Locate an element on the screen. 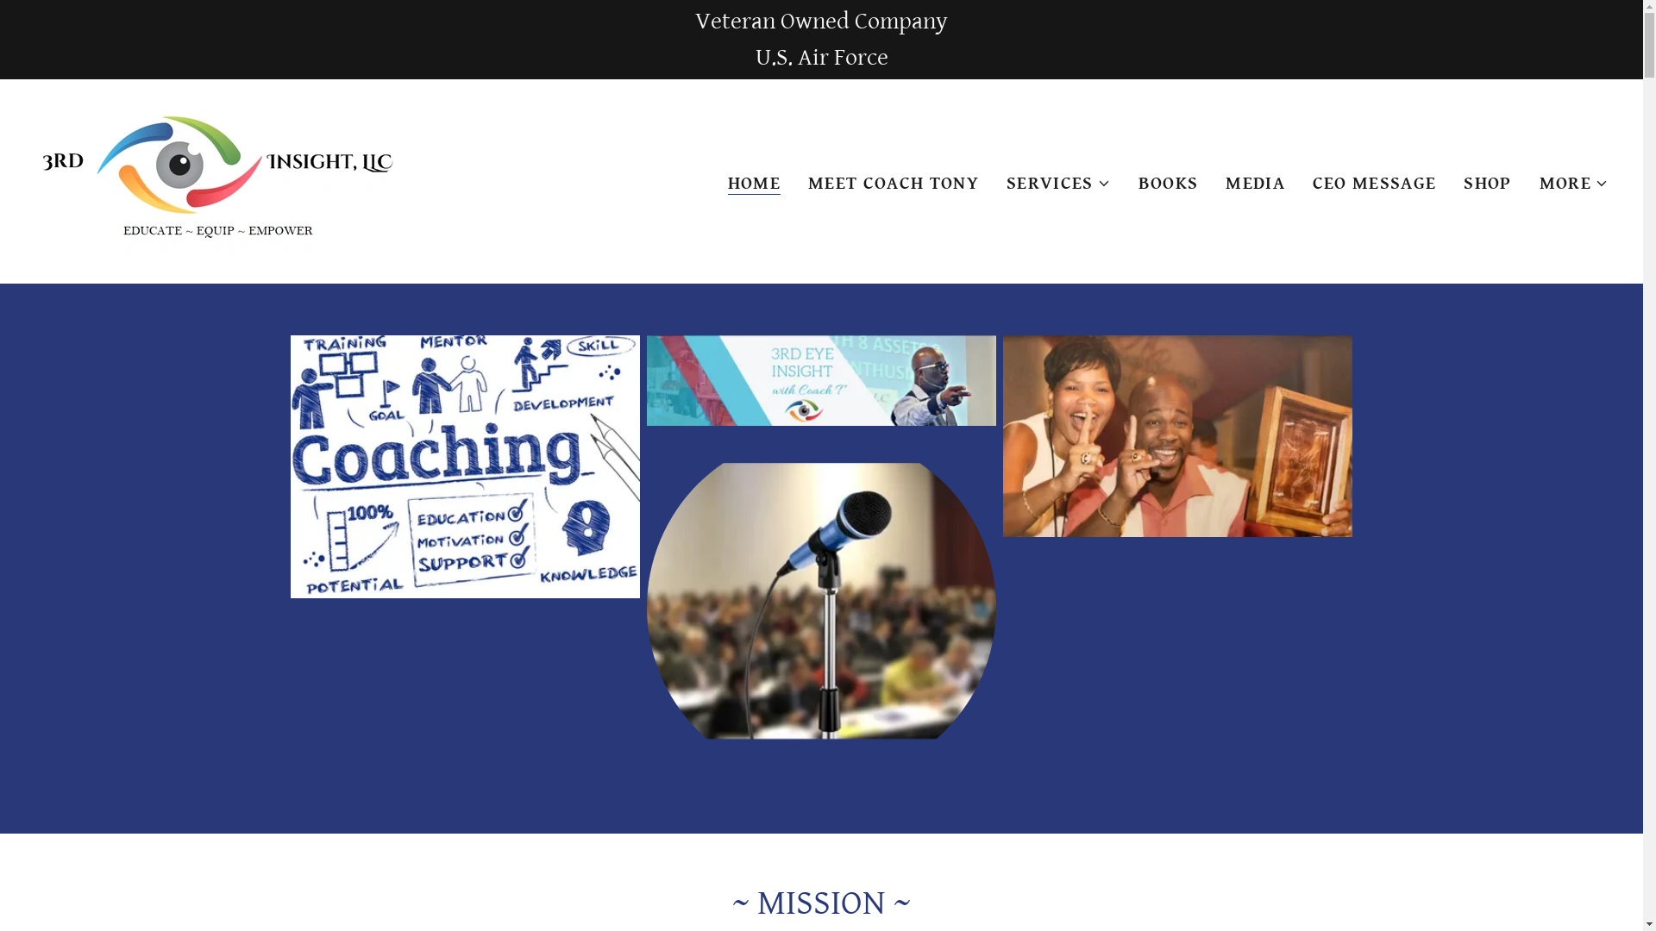 Image resolution: width=1656 pixels, height=931 pixels. 'SERVICES' is located at coordinates (1006, 183).